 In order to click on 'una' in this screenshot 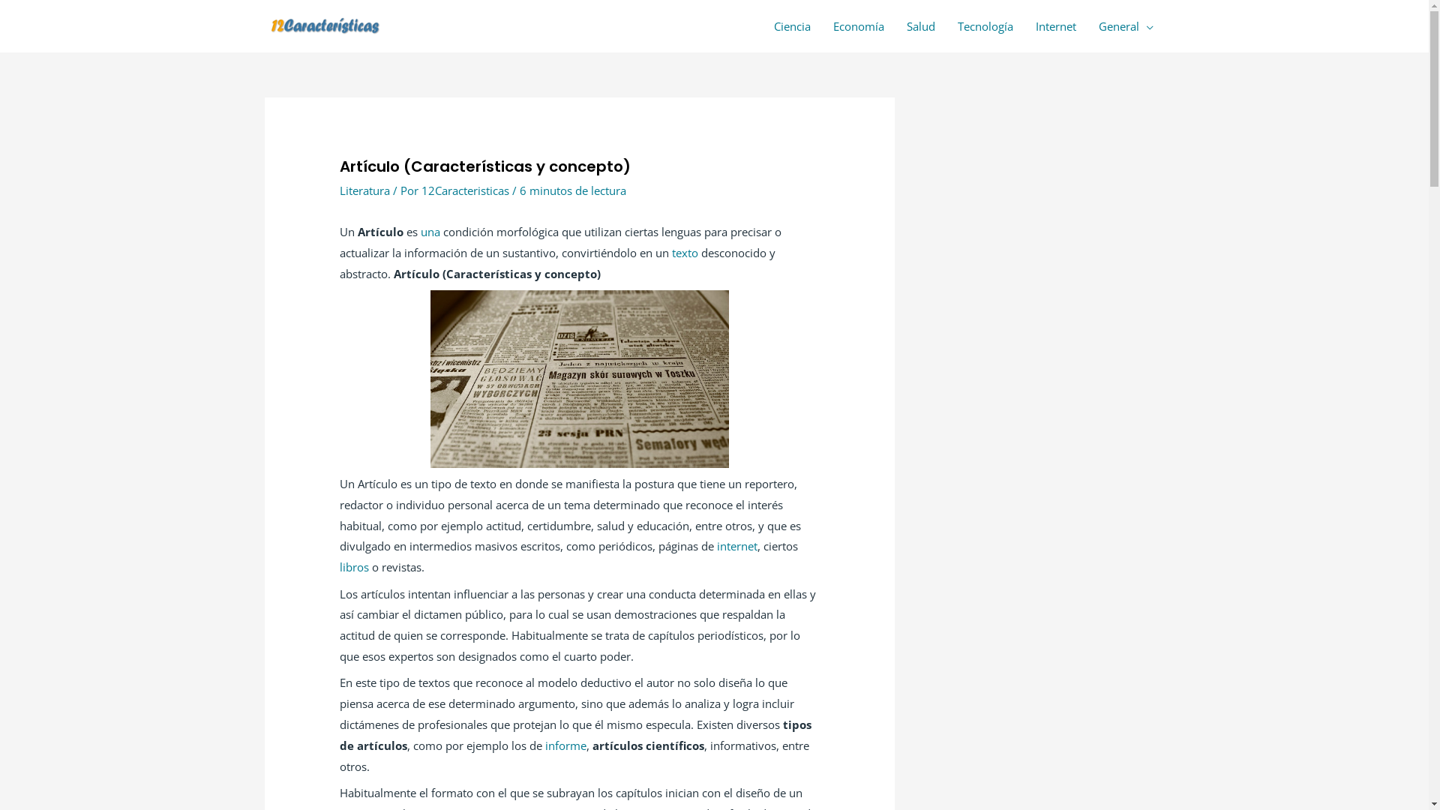, I will do `click(420, 231)`.